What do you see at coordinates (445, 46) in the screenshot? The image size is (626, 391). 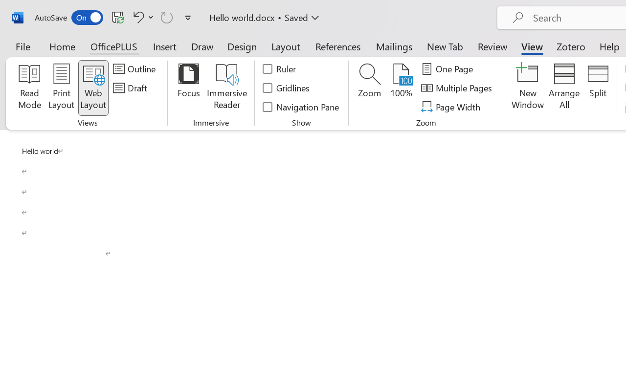 I see `'New Tab'` at bounding box center [445, 46].